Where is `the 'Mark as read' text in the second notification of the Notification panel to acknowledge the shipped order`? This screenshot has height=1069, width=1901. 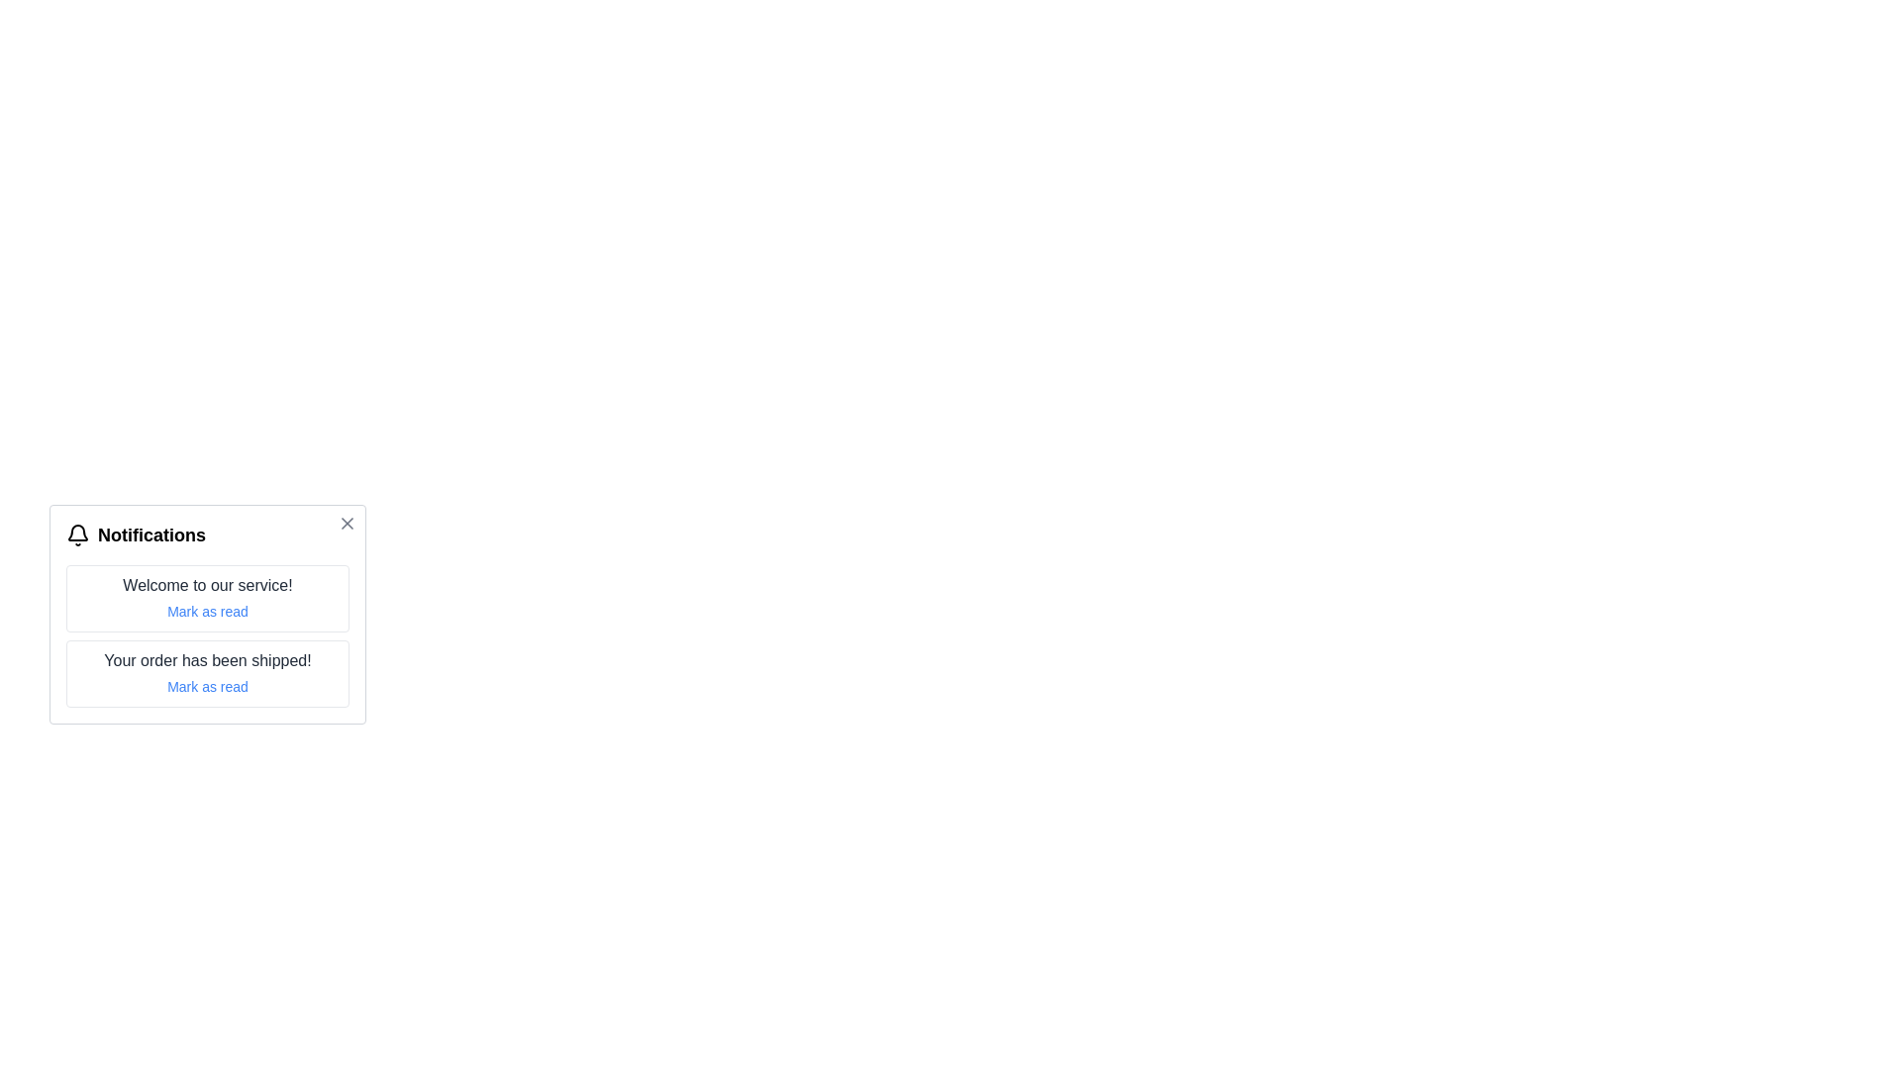
the 'Mark as read' text in the second notification of the Notification panel to acknowledge the shipped order is located at coordinates (208, 673).